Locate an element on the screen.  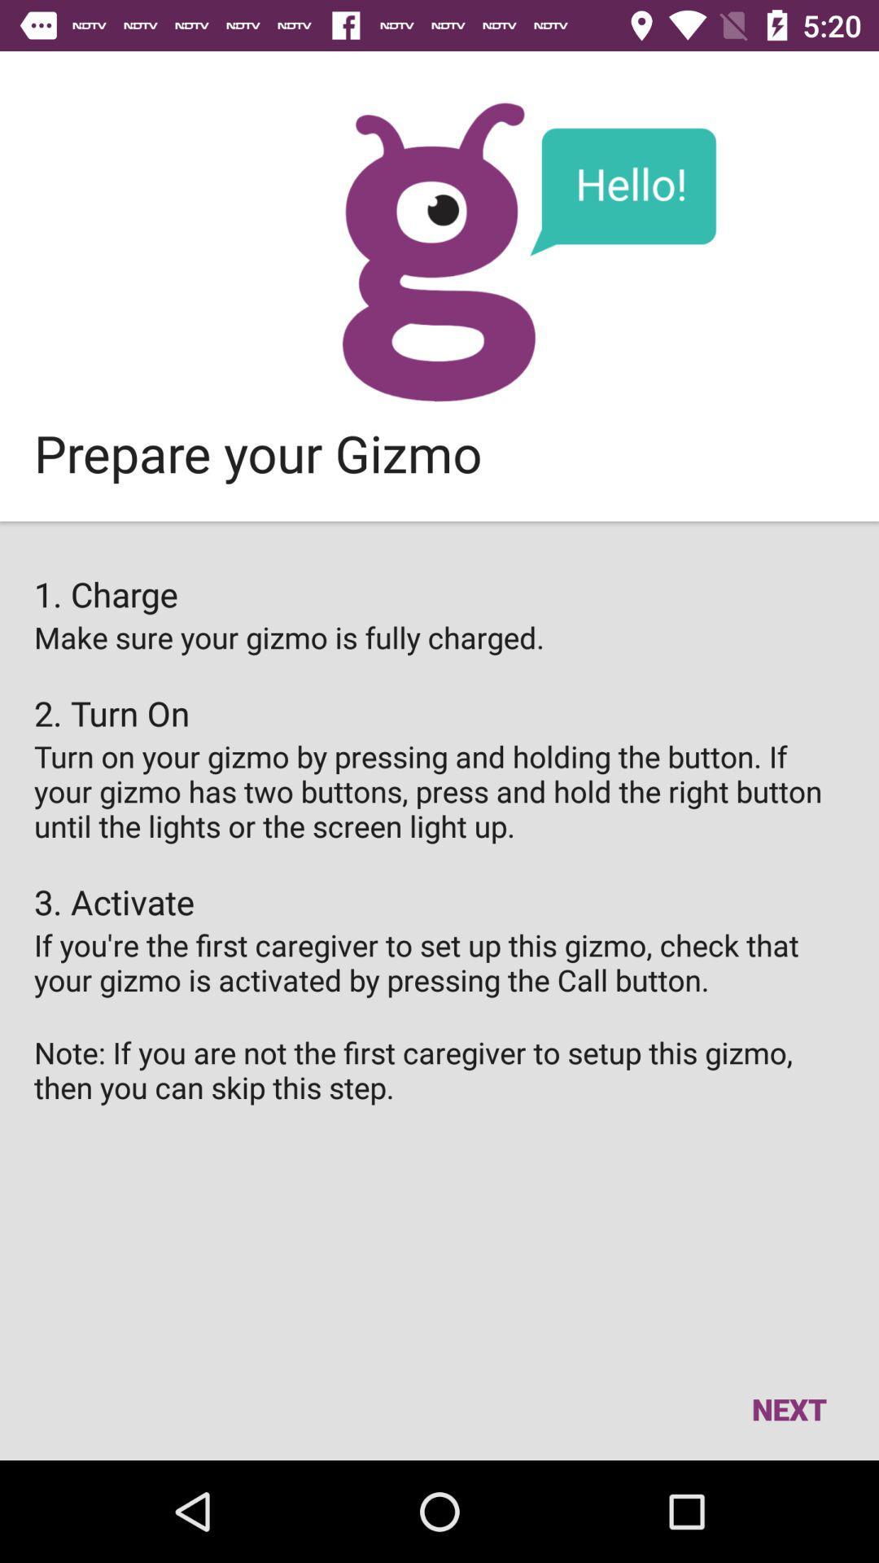
the next item is located at coordinates (788, 1408).